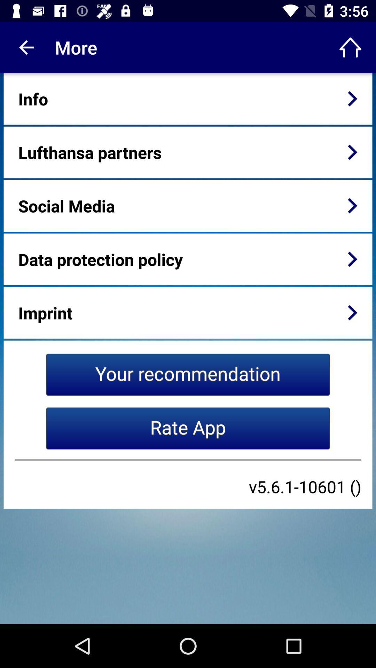  I want to click on item next to the more item, so click(25, 47).